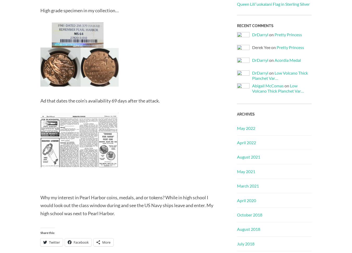 The height and width of the screenshot is (253, 352). I want to click on 'October 2018', so click(249, 214).